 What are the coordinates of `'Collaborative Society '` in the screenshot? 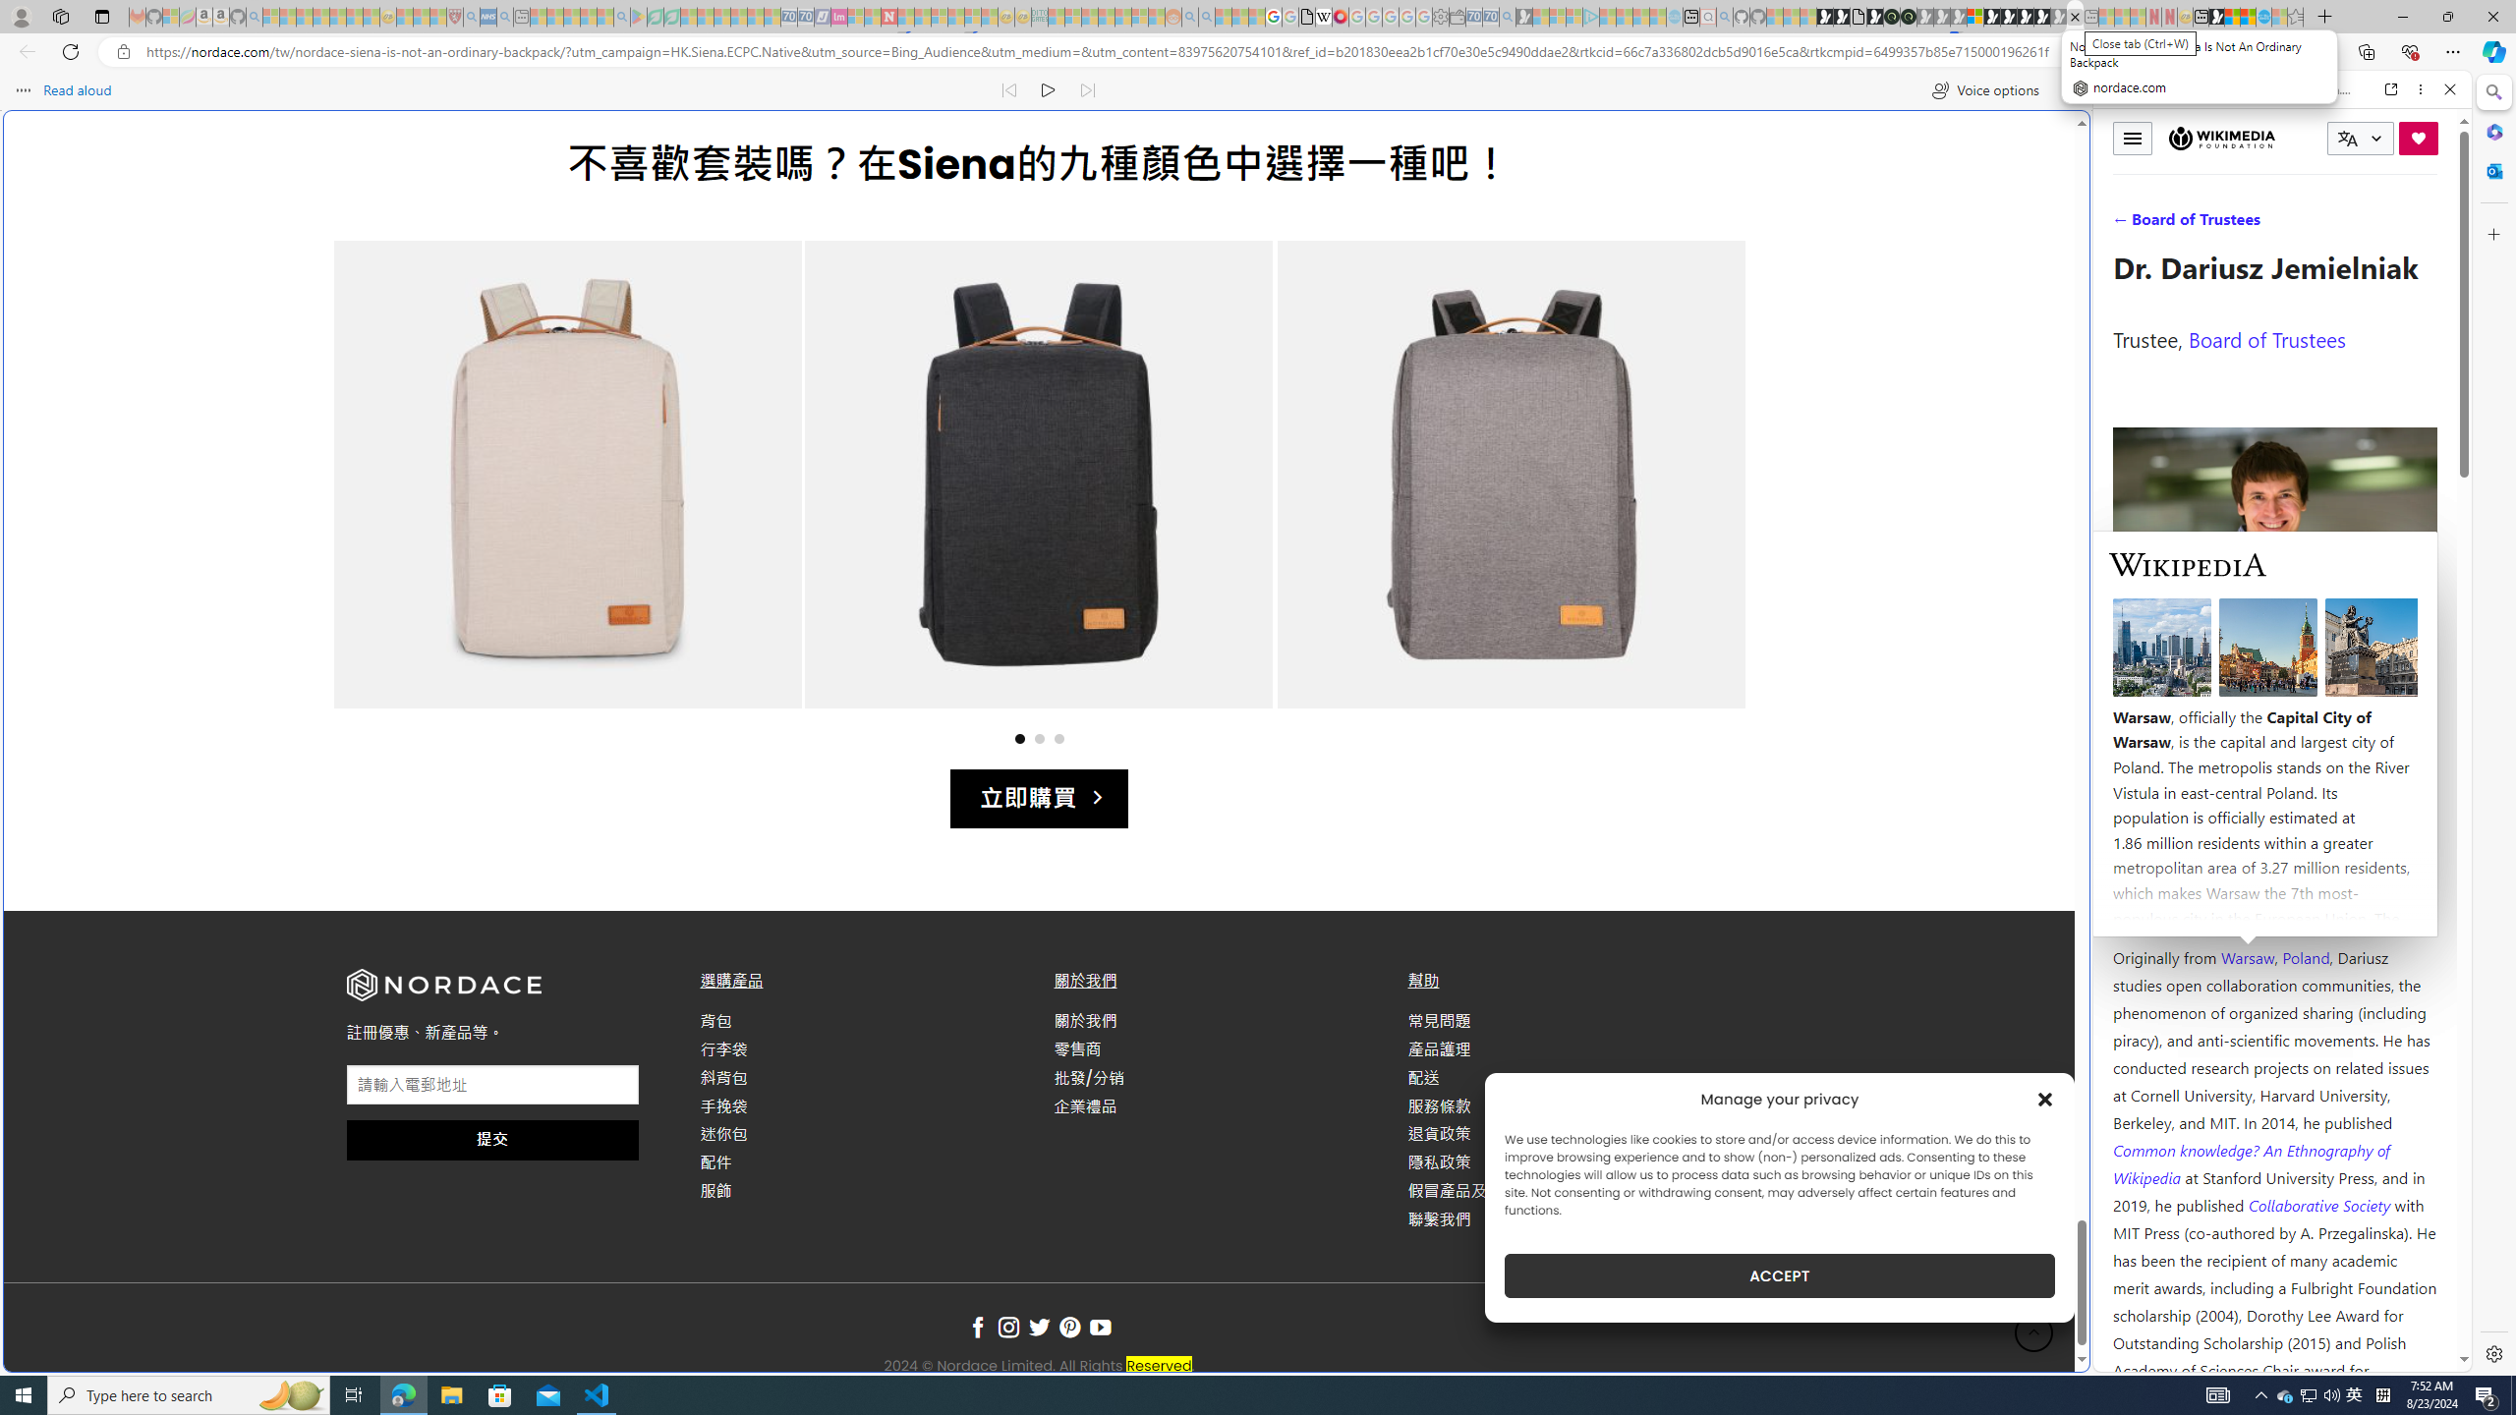 It's located at (2319, 1204).